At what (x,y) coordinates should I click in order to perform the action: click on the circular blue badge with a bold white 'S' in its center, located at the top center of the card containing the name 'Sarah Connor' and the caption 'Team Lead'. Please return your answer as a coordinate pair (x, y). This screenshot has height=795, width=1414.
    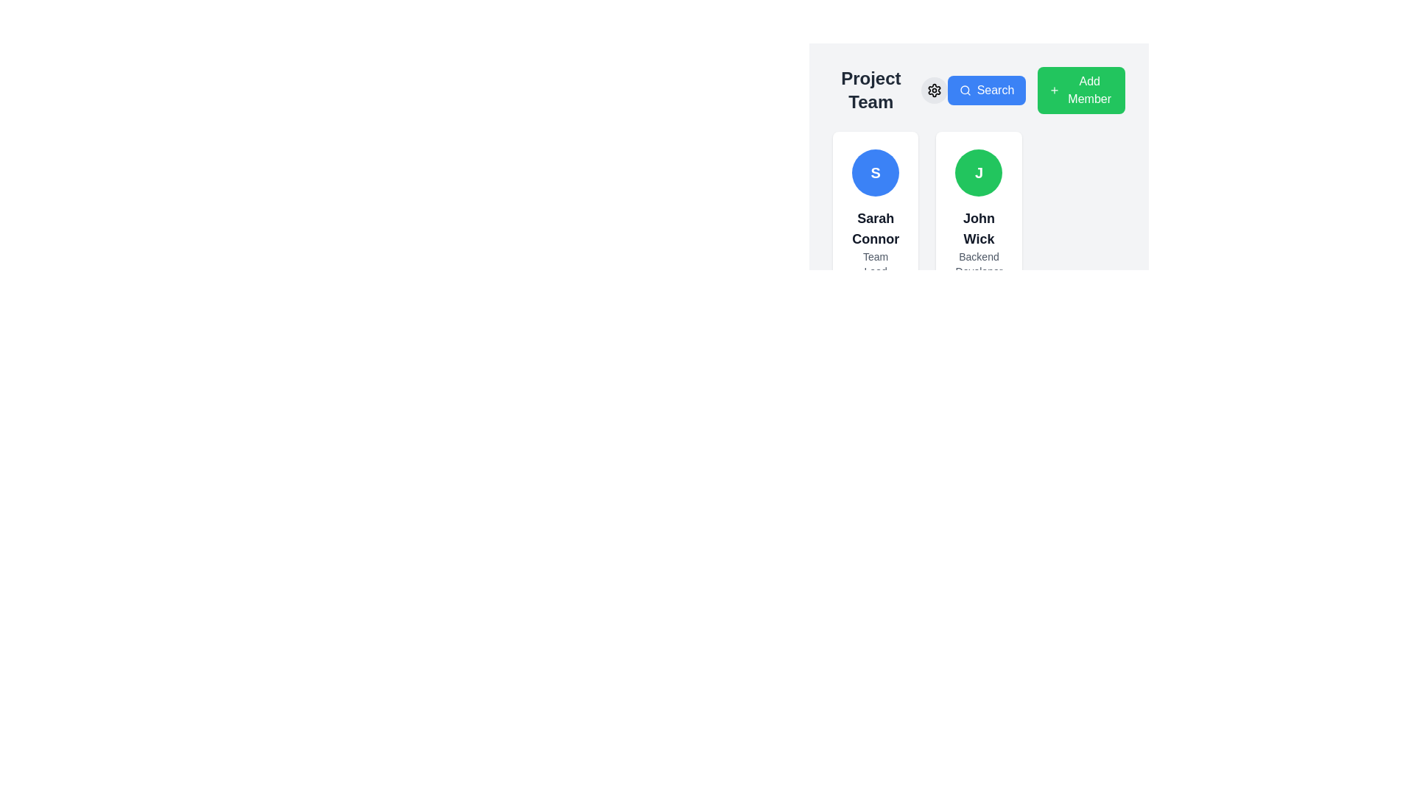
    Looking at the image, I should click on (876, 172).